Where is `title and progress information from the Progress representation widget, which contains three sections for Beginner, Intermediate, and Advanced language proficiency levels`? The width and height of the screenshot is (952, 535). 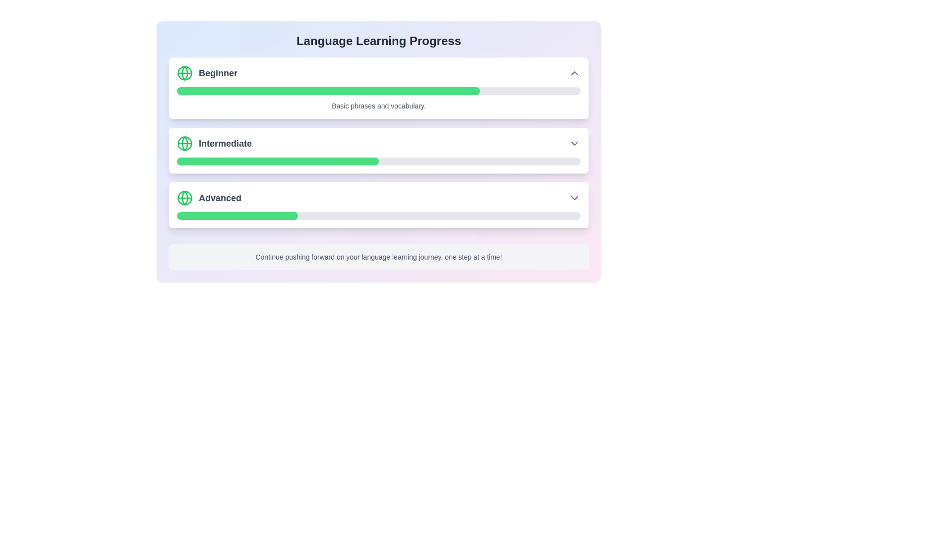
title and progress information from the Progress representation widget, which contains three sections for Beginner, Intermediate, and Advanced language proficiency levels is located at coordinates (378, 143).